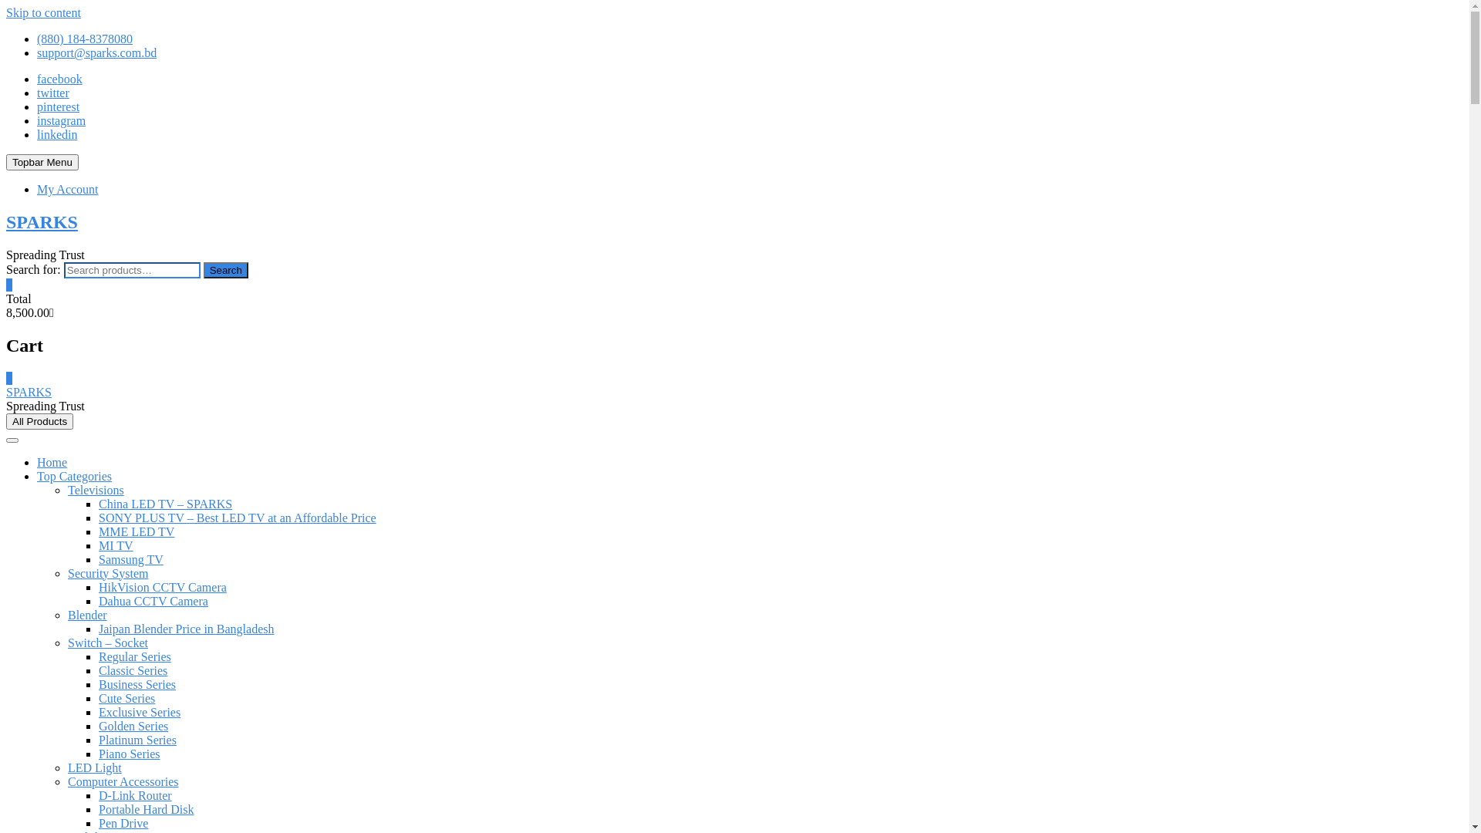  I want to click on 'Blender', so click(86, 614).